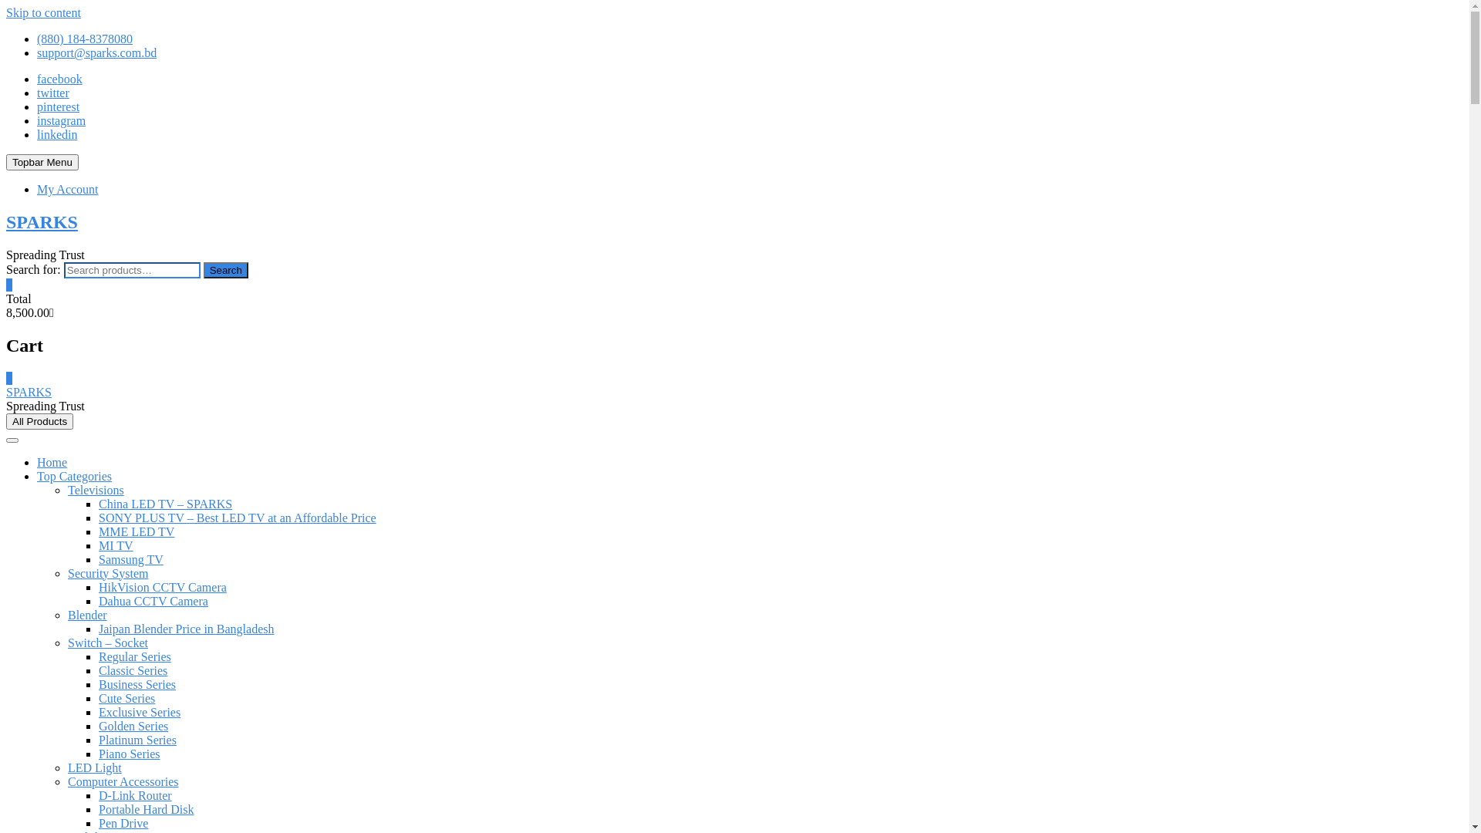  I want to click on 'Blender', so click(86, 614).